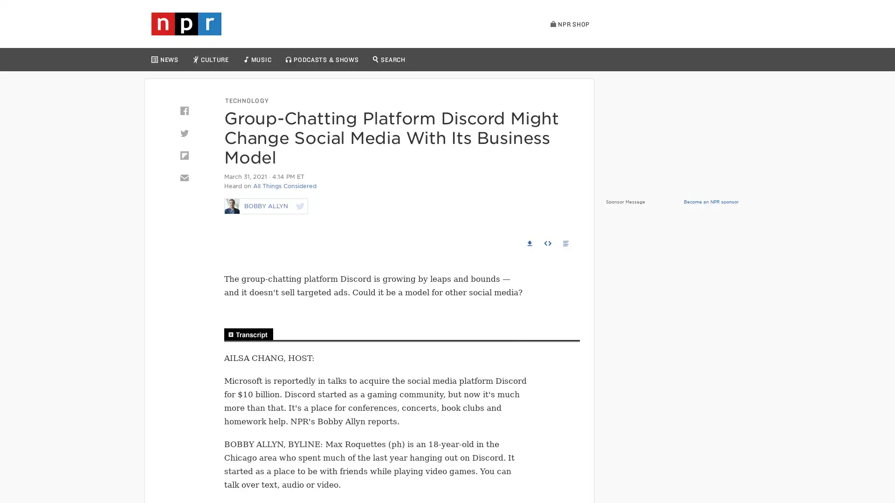  I want to click on Embed, so click(548, 242).